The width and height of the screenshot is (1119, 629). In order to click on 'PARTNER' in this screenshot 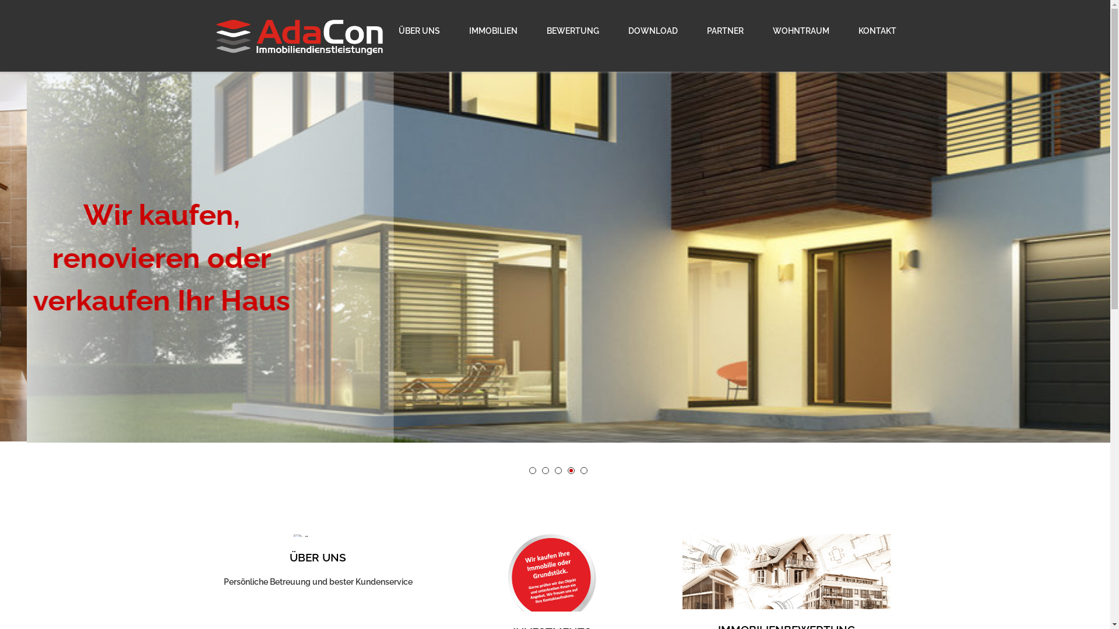, I will do `click(694, 30)`.